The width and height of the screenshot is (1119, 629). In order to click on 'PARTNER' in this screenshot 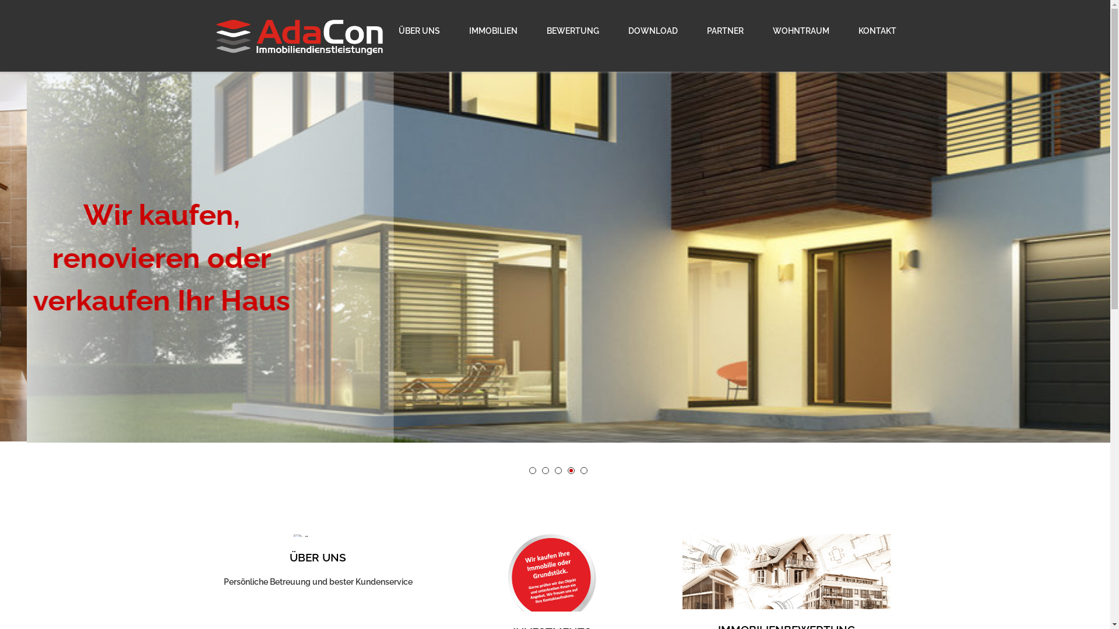, I will do `click(694, 30)`.